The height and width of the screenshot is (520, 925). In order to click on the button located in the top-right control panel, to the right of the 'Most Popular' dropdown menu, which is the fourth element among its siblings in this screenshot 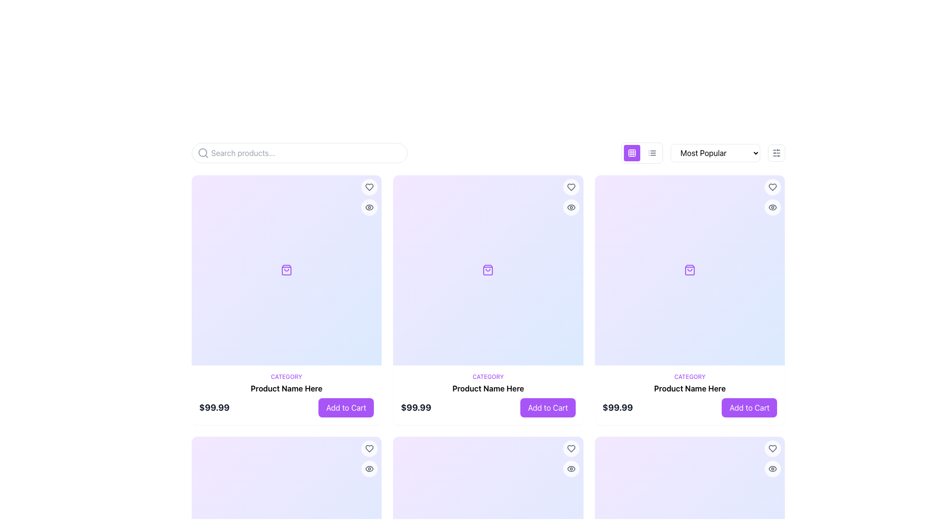, I will do `click(776, 152)`.